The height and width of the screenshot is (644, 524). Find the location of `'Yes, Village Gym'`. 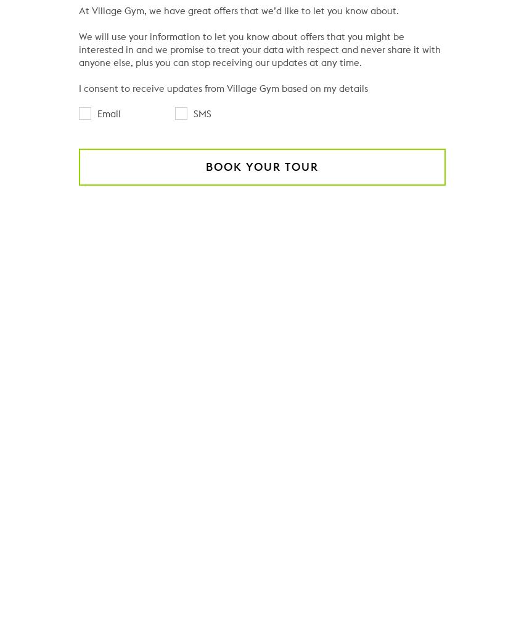

'Yes, Village Gym' is located at coordinates (152, 635).